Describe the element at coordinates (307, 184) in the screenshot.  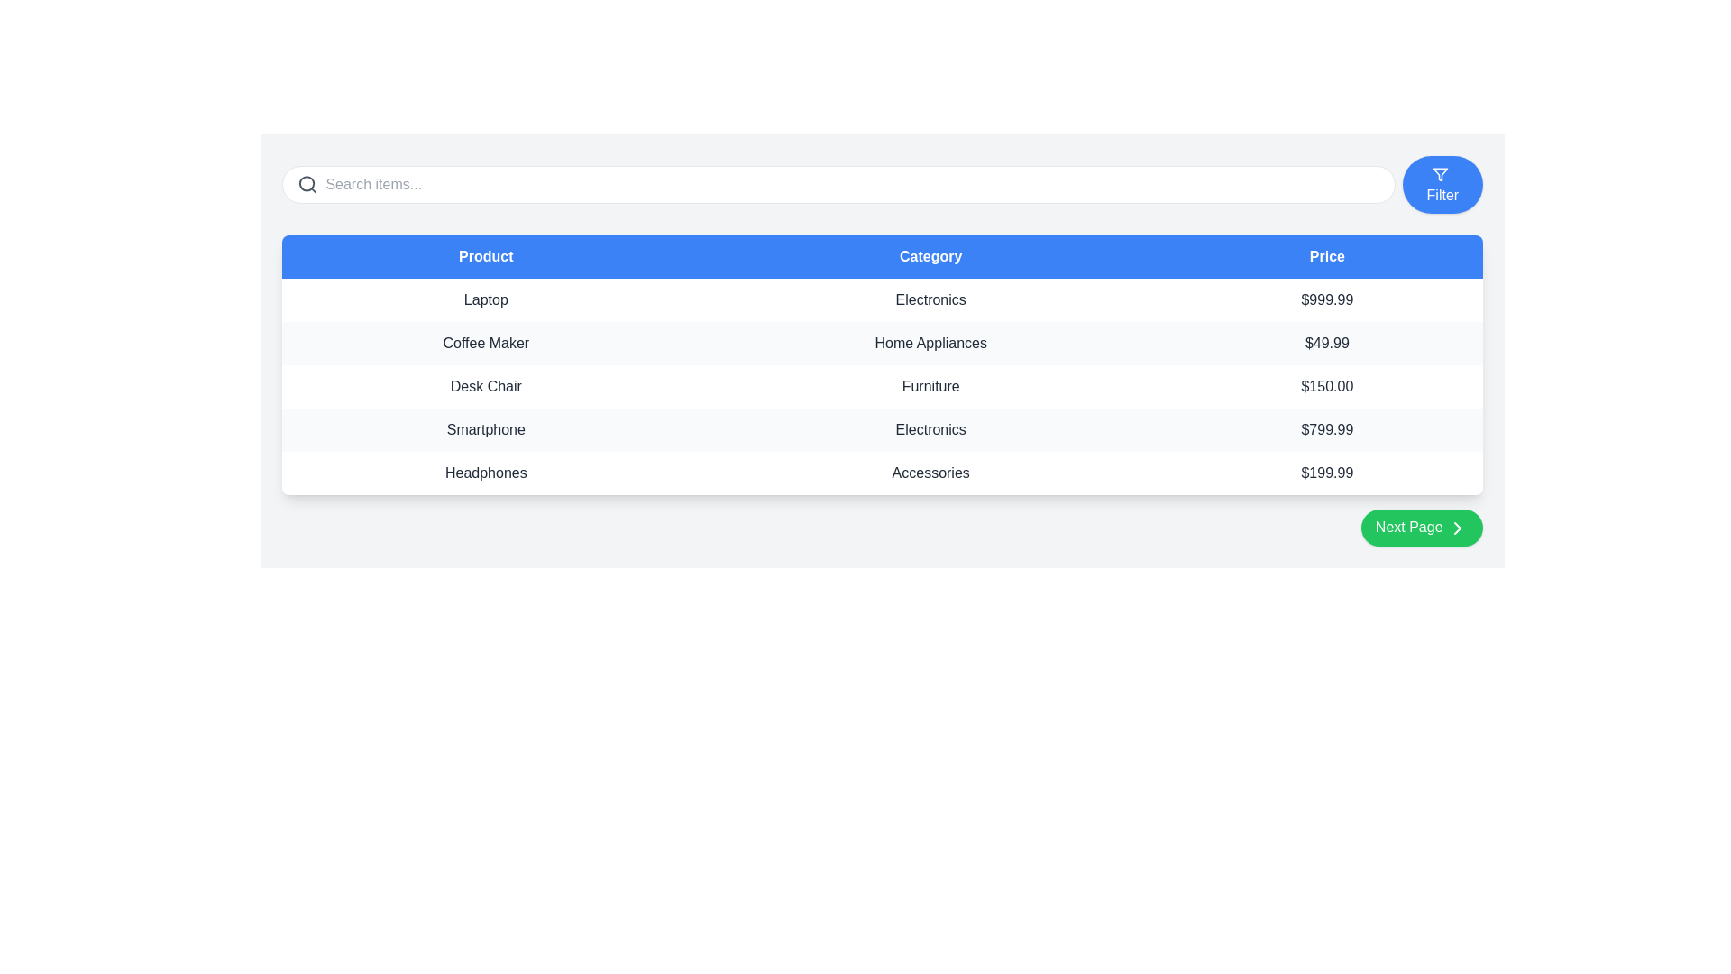
I see `the circular icon element that is part of the magnifying glass icon located within the search bar, positioned to the left of the placeholder text 'Search items...'` at that location.